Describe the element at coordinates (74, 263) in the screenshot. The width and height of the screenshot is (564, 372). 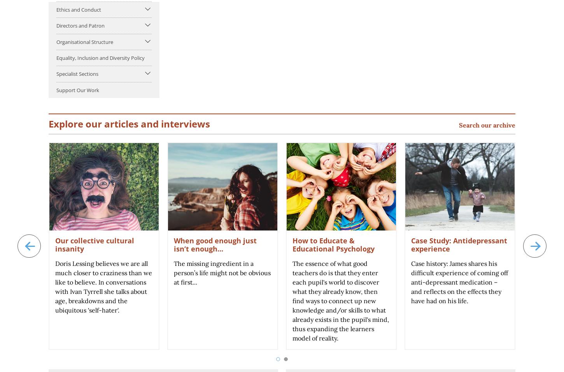
I see `'Doris Lessing'` at that location.